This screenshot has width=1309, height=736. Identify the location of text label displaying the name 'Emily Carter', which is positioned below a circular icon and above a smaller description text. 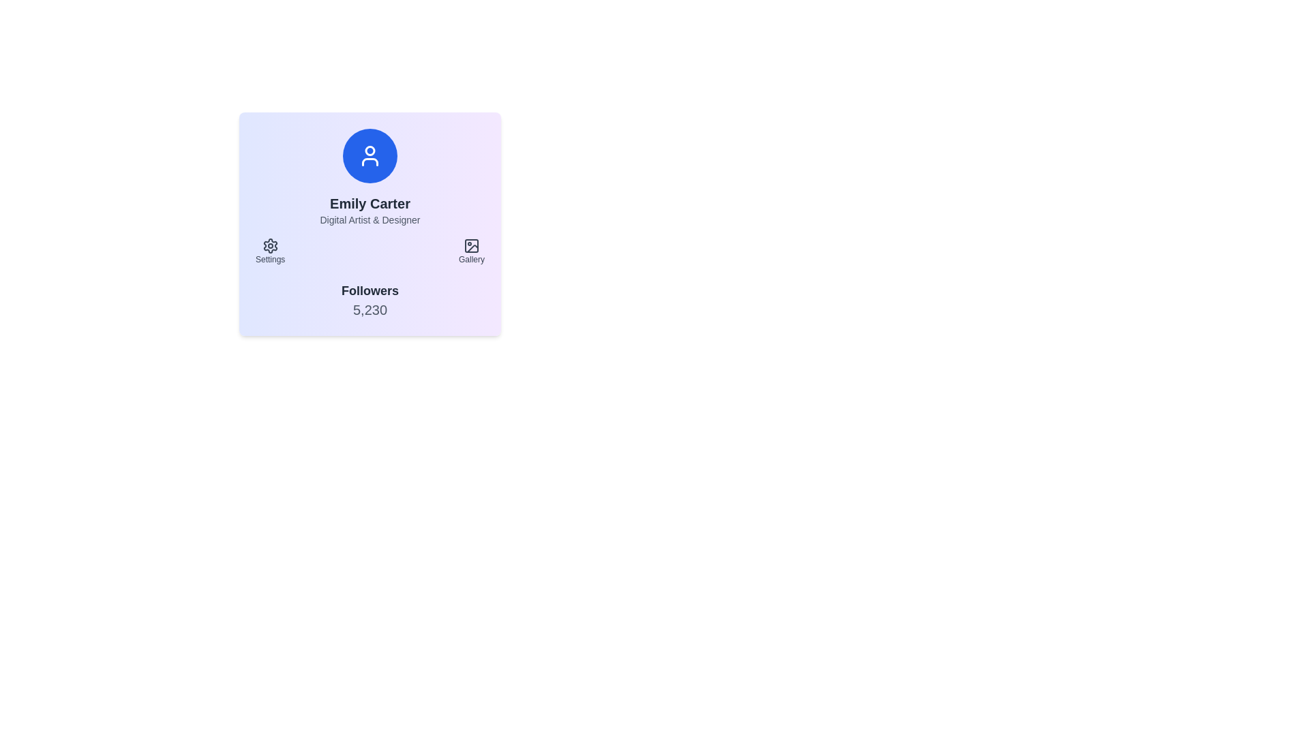
(370, 204).